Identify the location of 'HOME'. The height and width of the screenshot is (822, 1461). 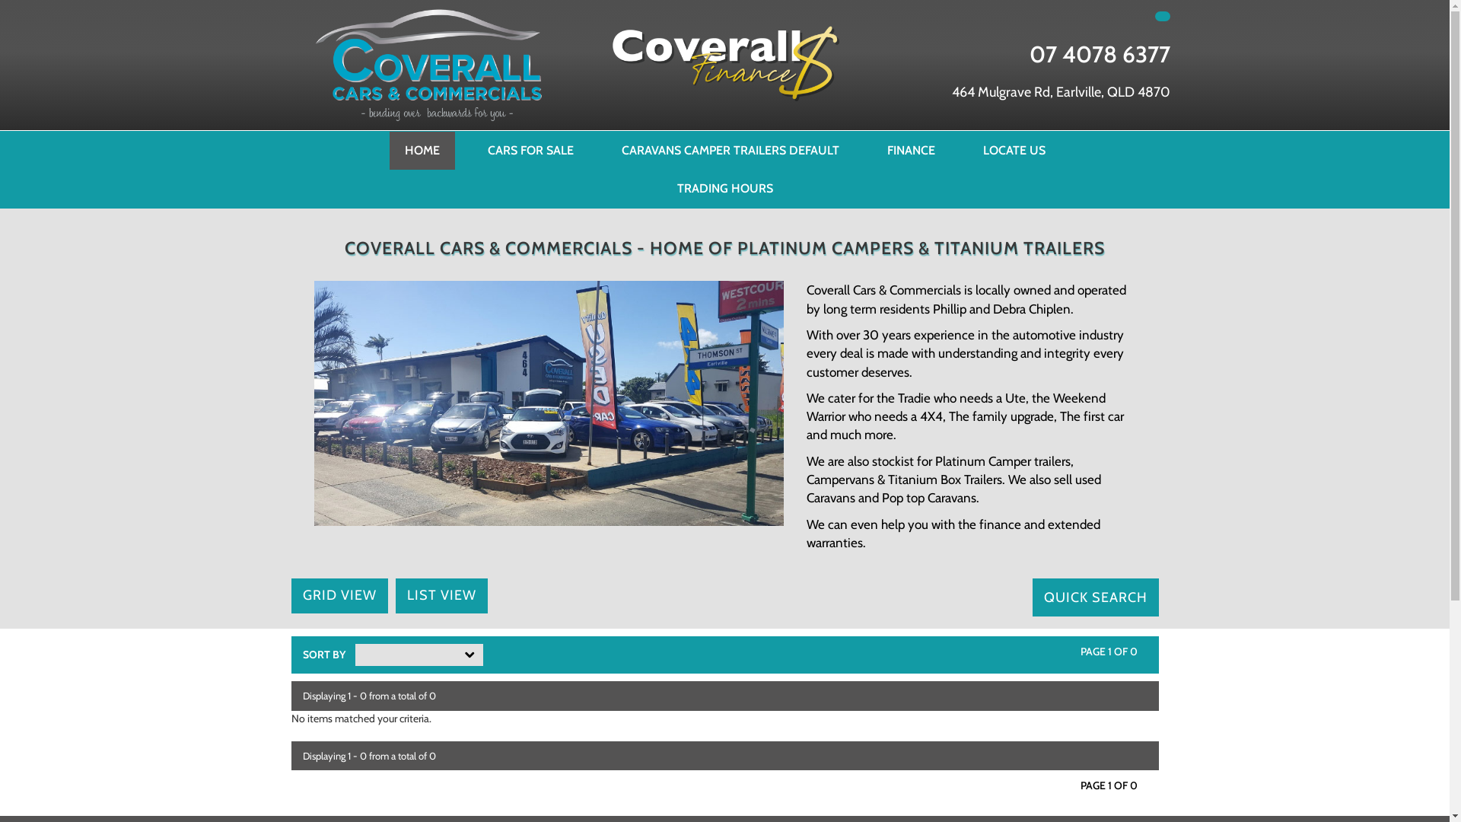
(422, 150).